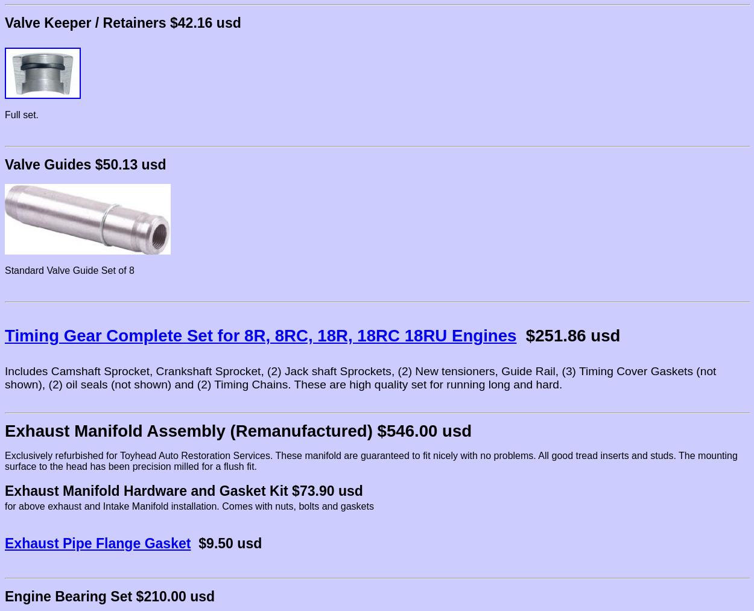 This screenshot has height=611, width=754. Describe the element at coordinates (5, 22) in the screenshot. I see `'Valve Keeper
                / Retainers $42.16 usd'` at that location.